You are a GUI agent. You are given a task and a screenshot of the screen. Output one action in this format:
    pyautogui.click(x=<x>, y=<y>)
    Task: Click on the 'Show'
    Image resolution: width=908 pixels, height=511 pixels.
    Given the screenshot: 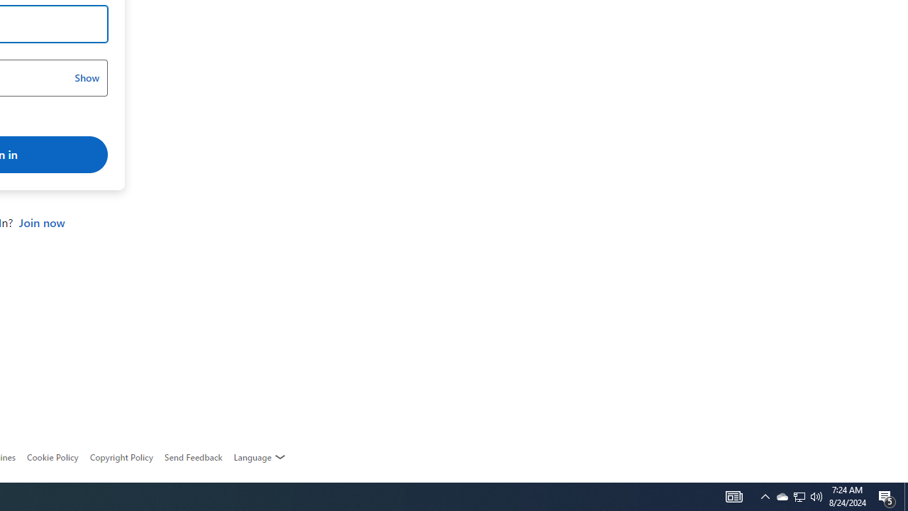 What is the action you would take?
    pyautogui.click(x=86, y=78)
    